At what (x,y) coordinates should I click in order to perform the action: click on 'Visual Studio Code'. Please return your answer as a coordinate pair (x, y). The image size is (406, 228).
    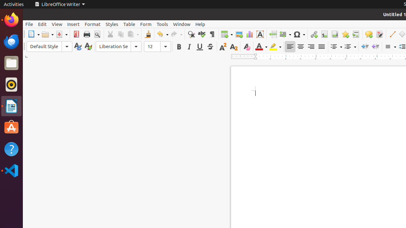
    Looking at the image, I should click on (11, 170).